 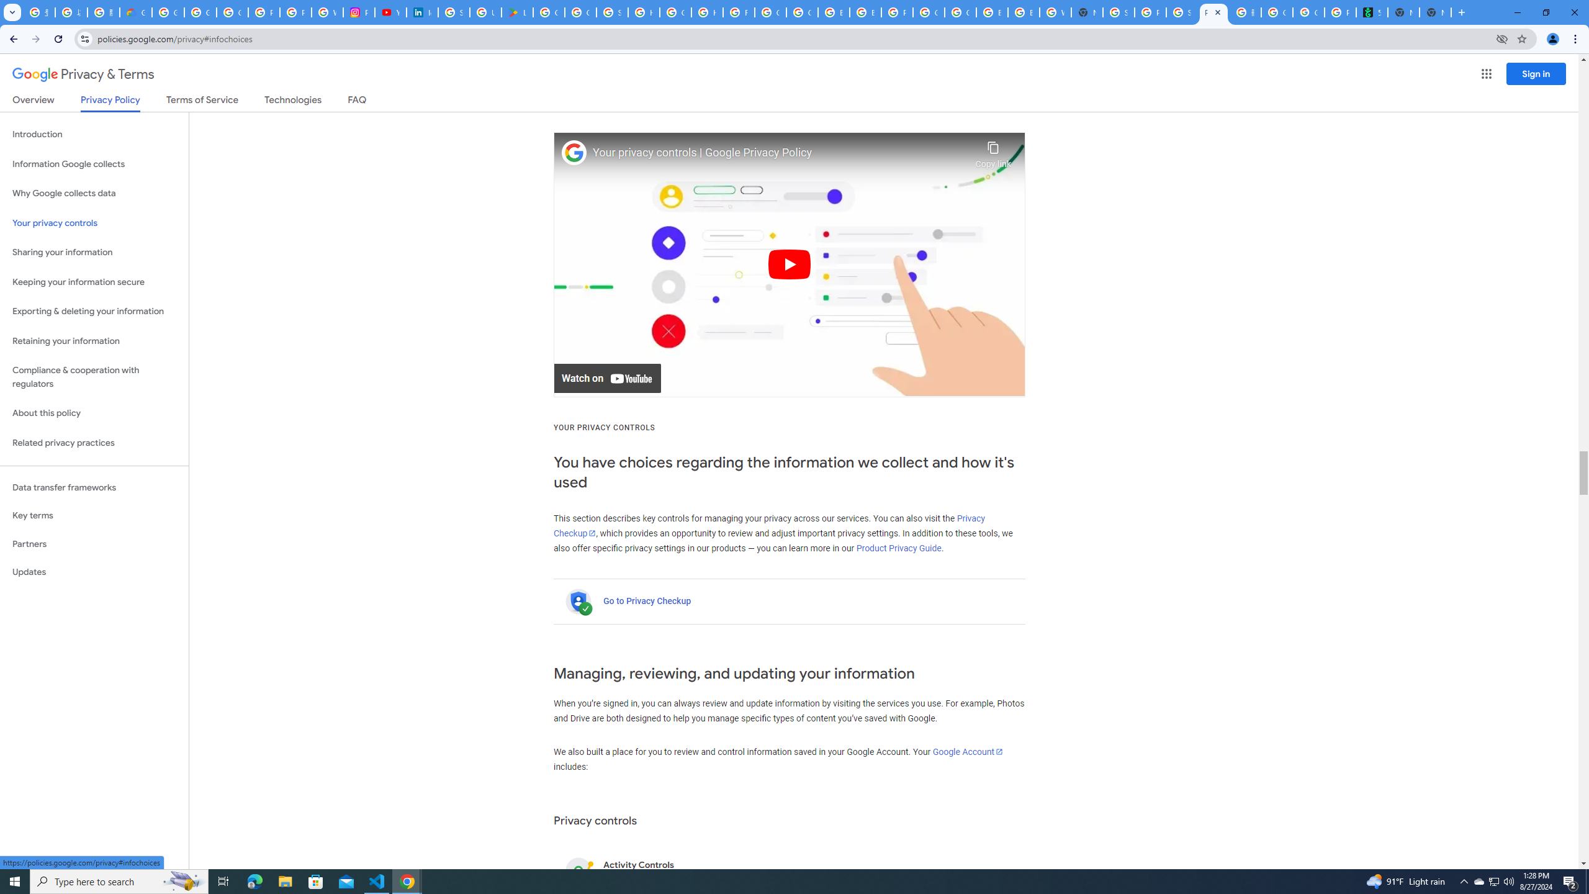 What do you see at coordinates (607, 377) in the screenshot?
I see `'Watch on YouTube'` at bounding box center [607, 377].